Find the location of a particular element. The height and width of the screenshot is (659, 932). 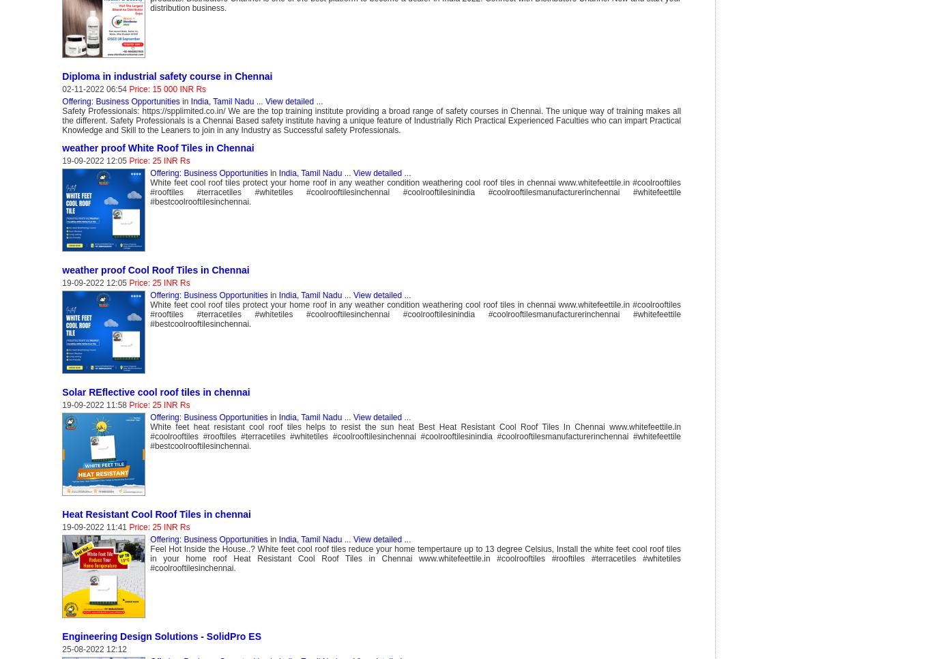

'Engineering Design Solutions - SolidPro ES' is located at coordinates (61, 636).